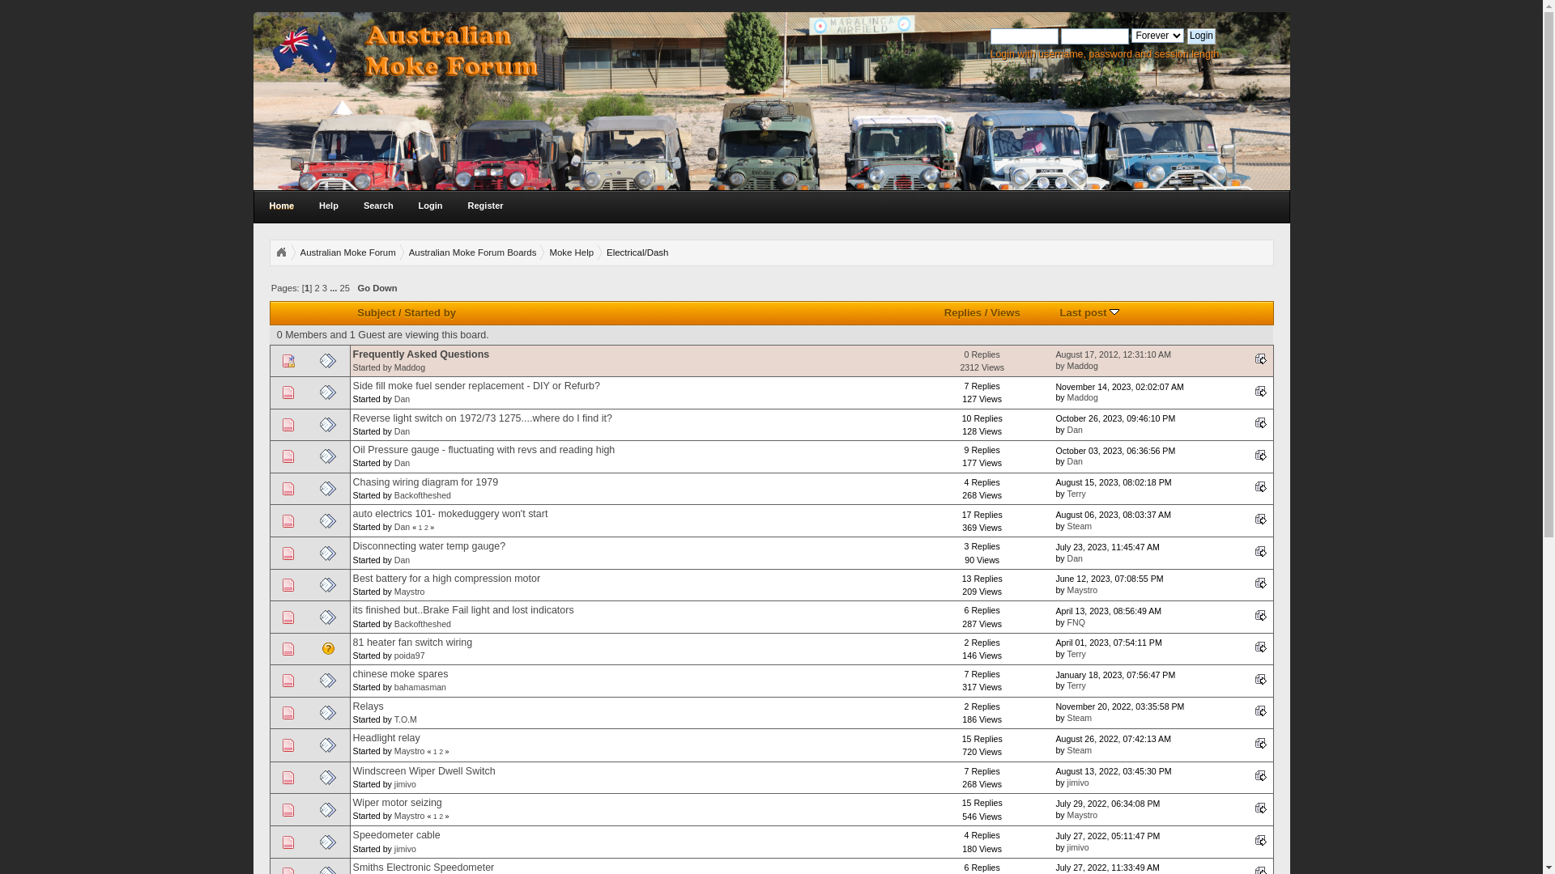 The height and width of the screenshot is (874, 1555). I want to click on 'Maddog', so click(409, 367).